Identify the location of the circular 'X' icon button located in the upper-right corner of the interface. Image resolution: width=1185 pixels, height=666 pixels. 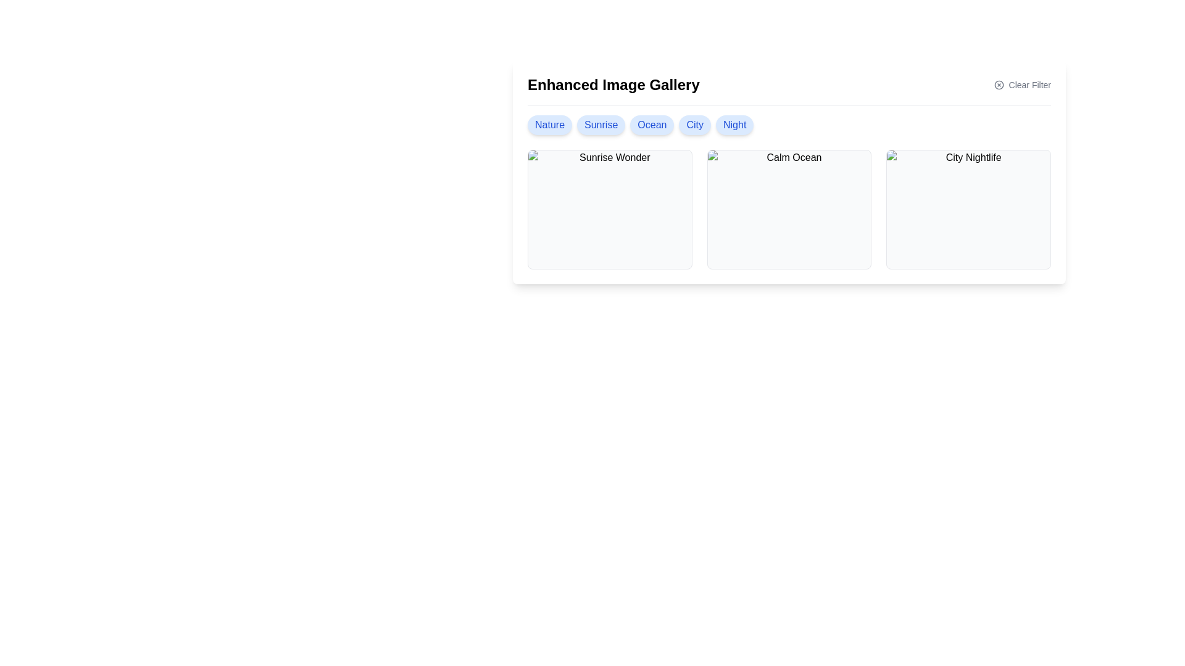
(999, 84).